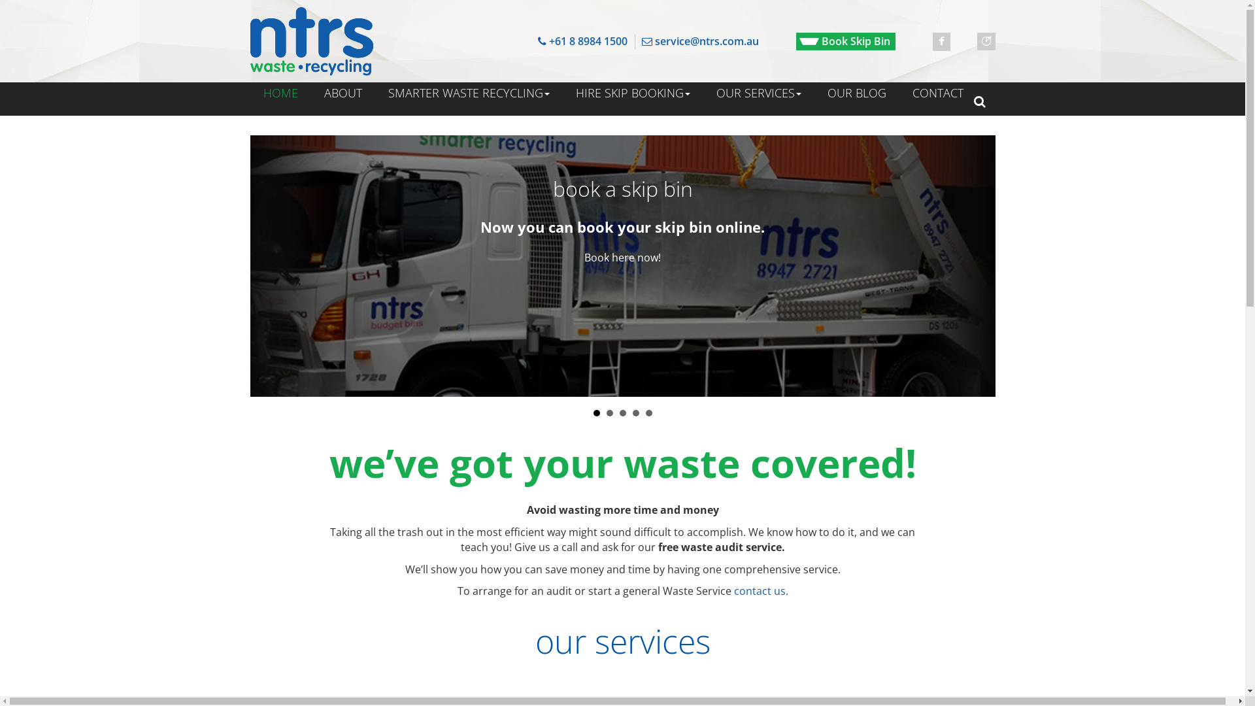 Image resolution: width=1255 pixels, height=706 pixels. Describe the element at coordinates (469, 92) in the screenshot. I see `'SMARTER WASTE RECYCLING'` at that location.